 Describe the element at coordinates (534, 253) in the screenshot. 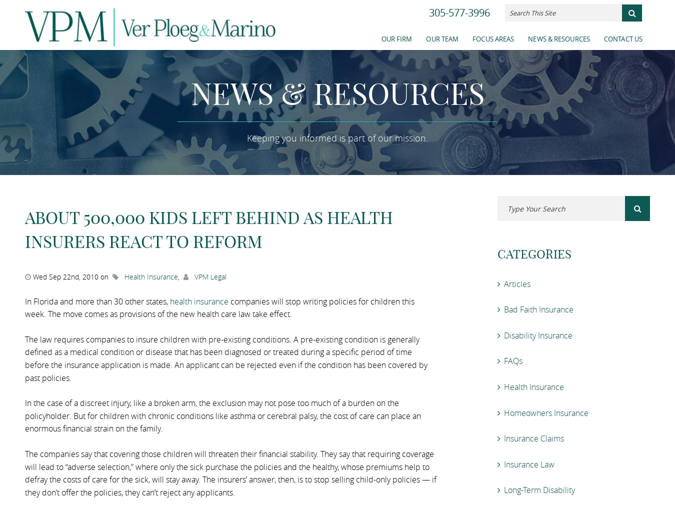

I see `'Categories'` at that location.